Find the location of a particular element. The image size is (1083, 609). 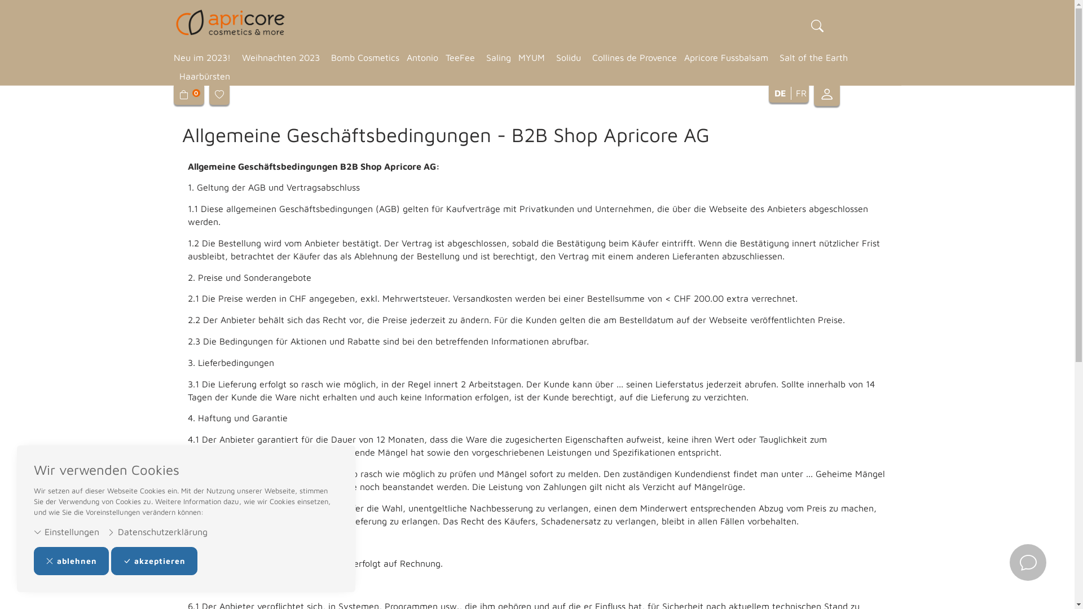

'Bomb Cosmetics' is located at coordinates (363, 58).